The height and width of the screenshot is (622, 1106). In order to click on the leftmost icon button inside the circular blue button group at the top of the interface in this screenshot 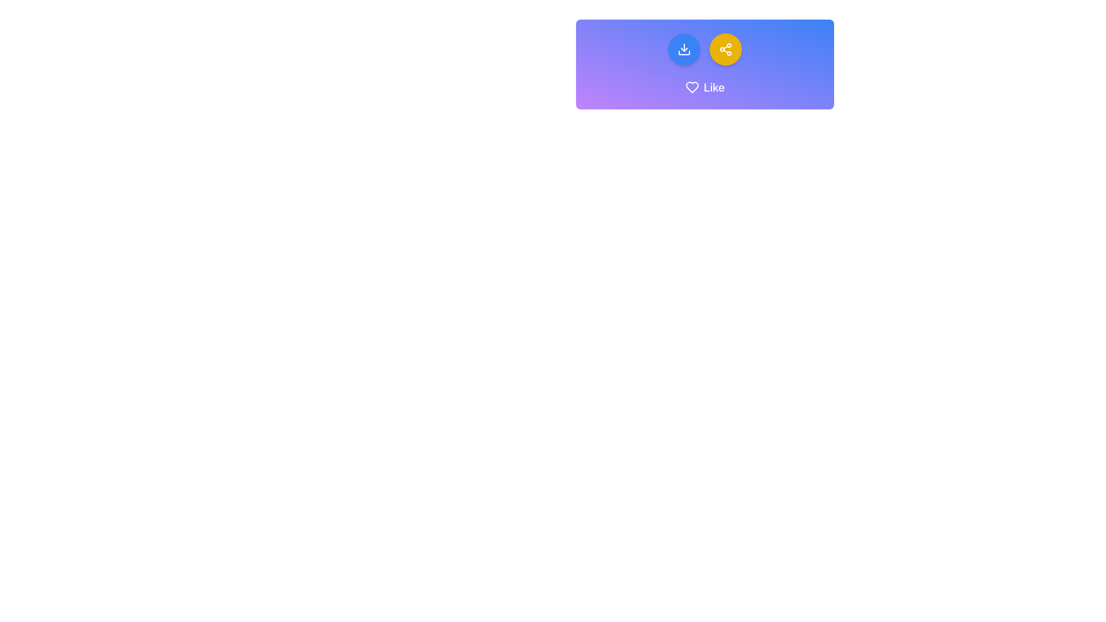, I will do `click(684, 48)`.